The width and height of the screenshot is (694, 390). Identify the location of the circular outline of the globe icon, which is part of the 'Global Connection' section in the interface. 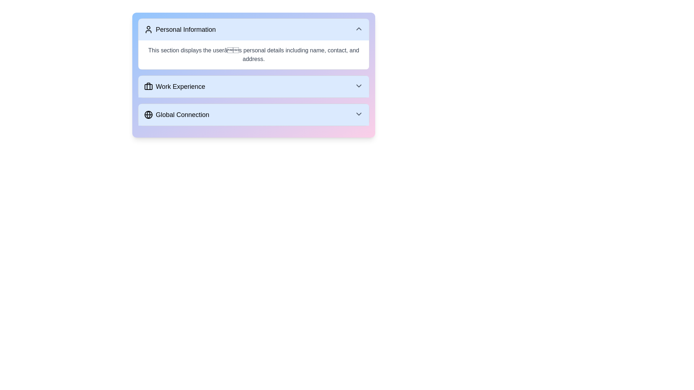
(148, 114).